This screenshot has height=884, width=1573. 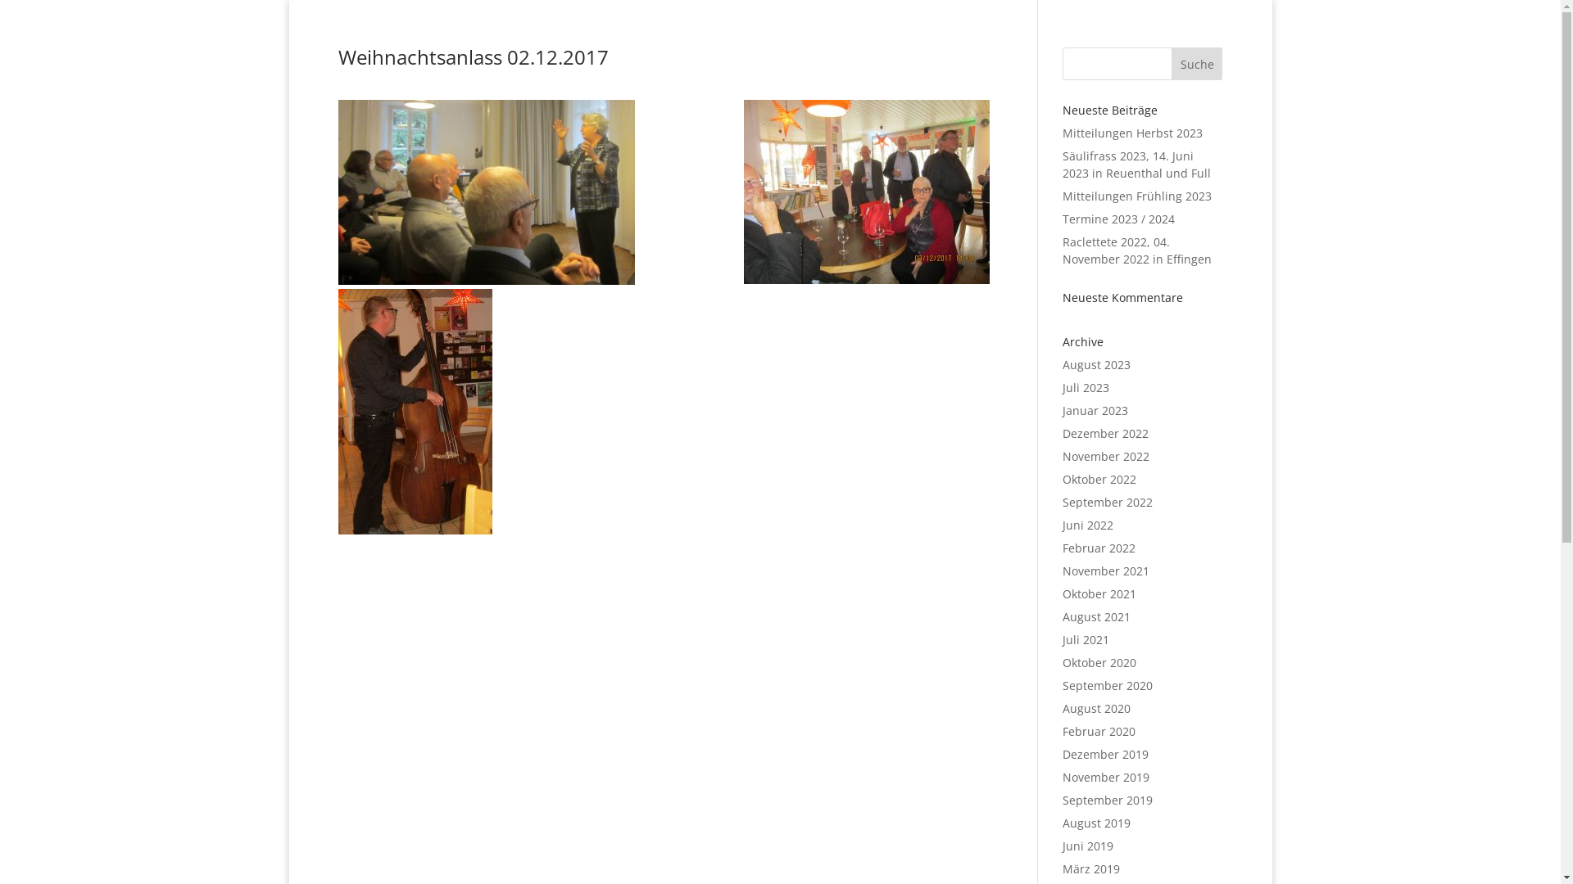 What do you see at coordinates (1062, 132) in the screenshot?
I see `'Mitteilungen Herbst 2023'` at bounding box center [1062, 132].